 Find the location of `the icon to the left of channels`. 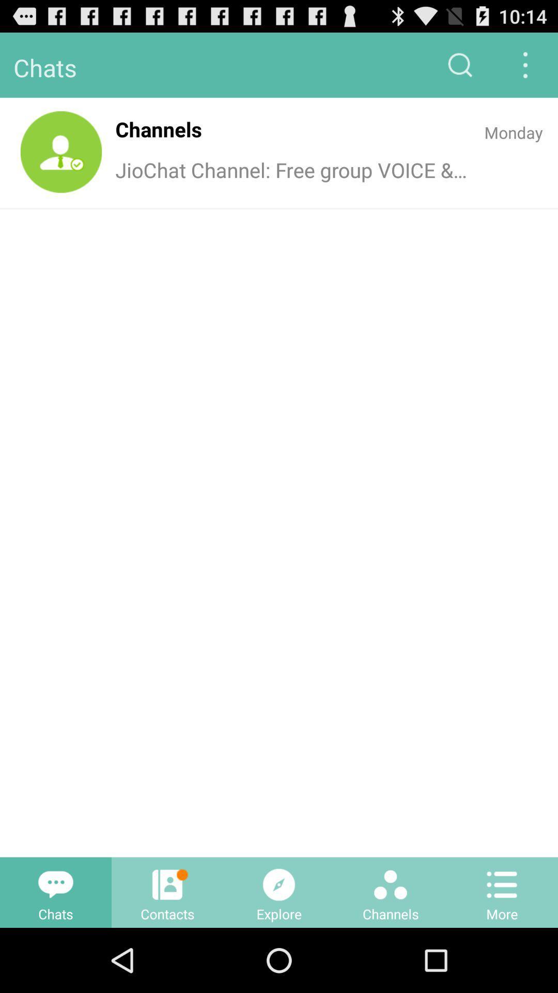

the icon to the left of channels is located at coordinates (61, 151).